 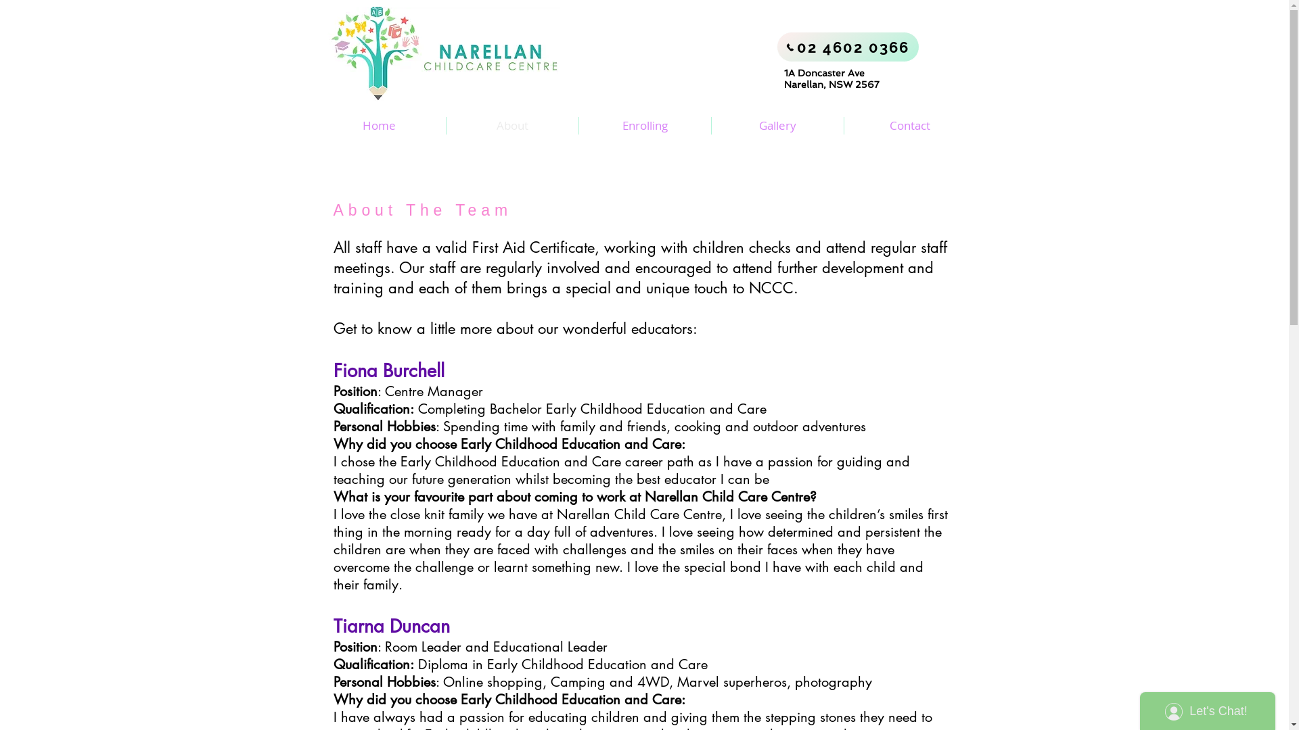 What do you see at coordinates (447, 125) in the screenshot?
I see `'About'` at bounding box center [447, 125].